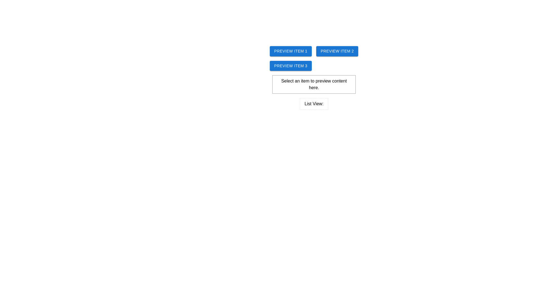  I want to click on the first button in the grid layout, so click(290, 51).